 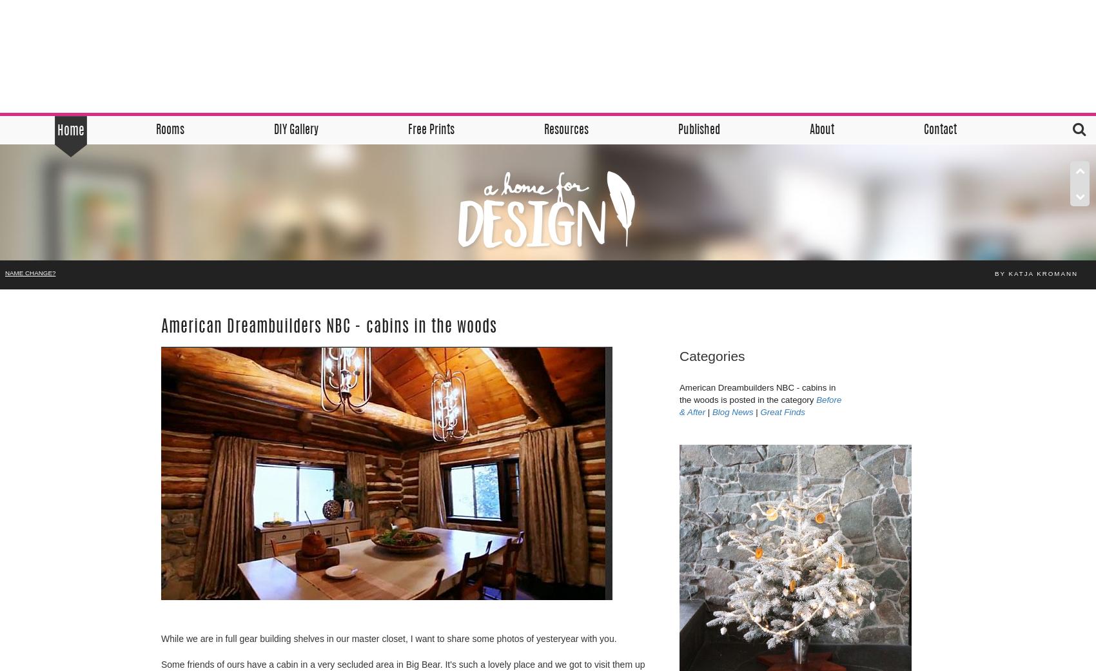 What do you see at coordinates (407, 130) in the screenshot?
I see `'Free Prints'` at bounding box center [407, 130].